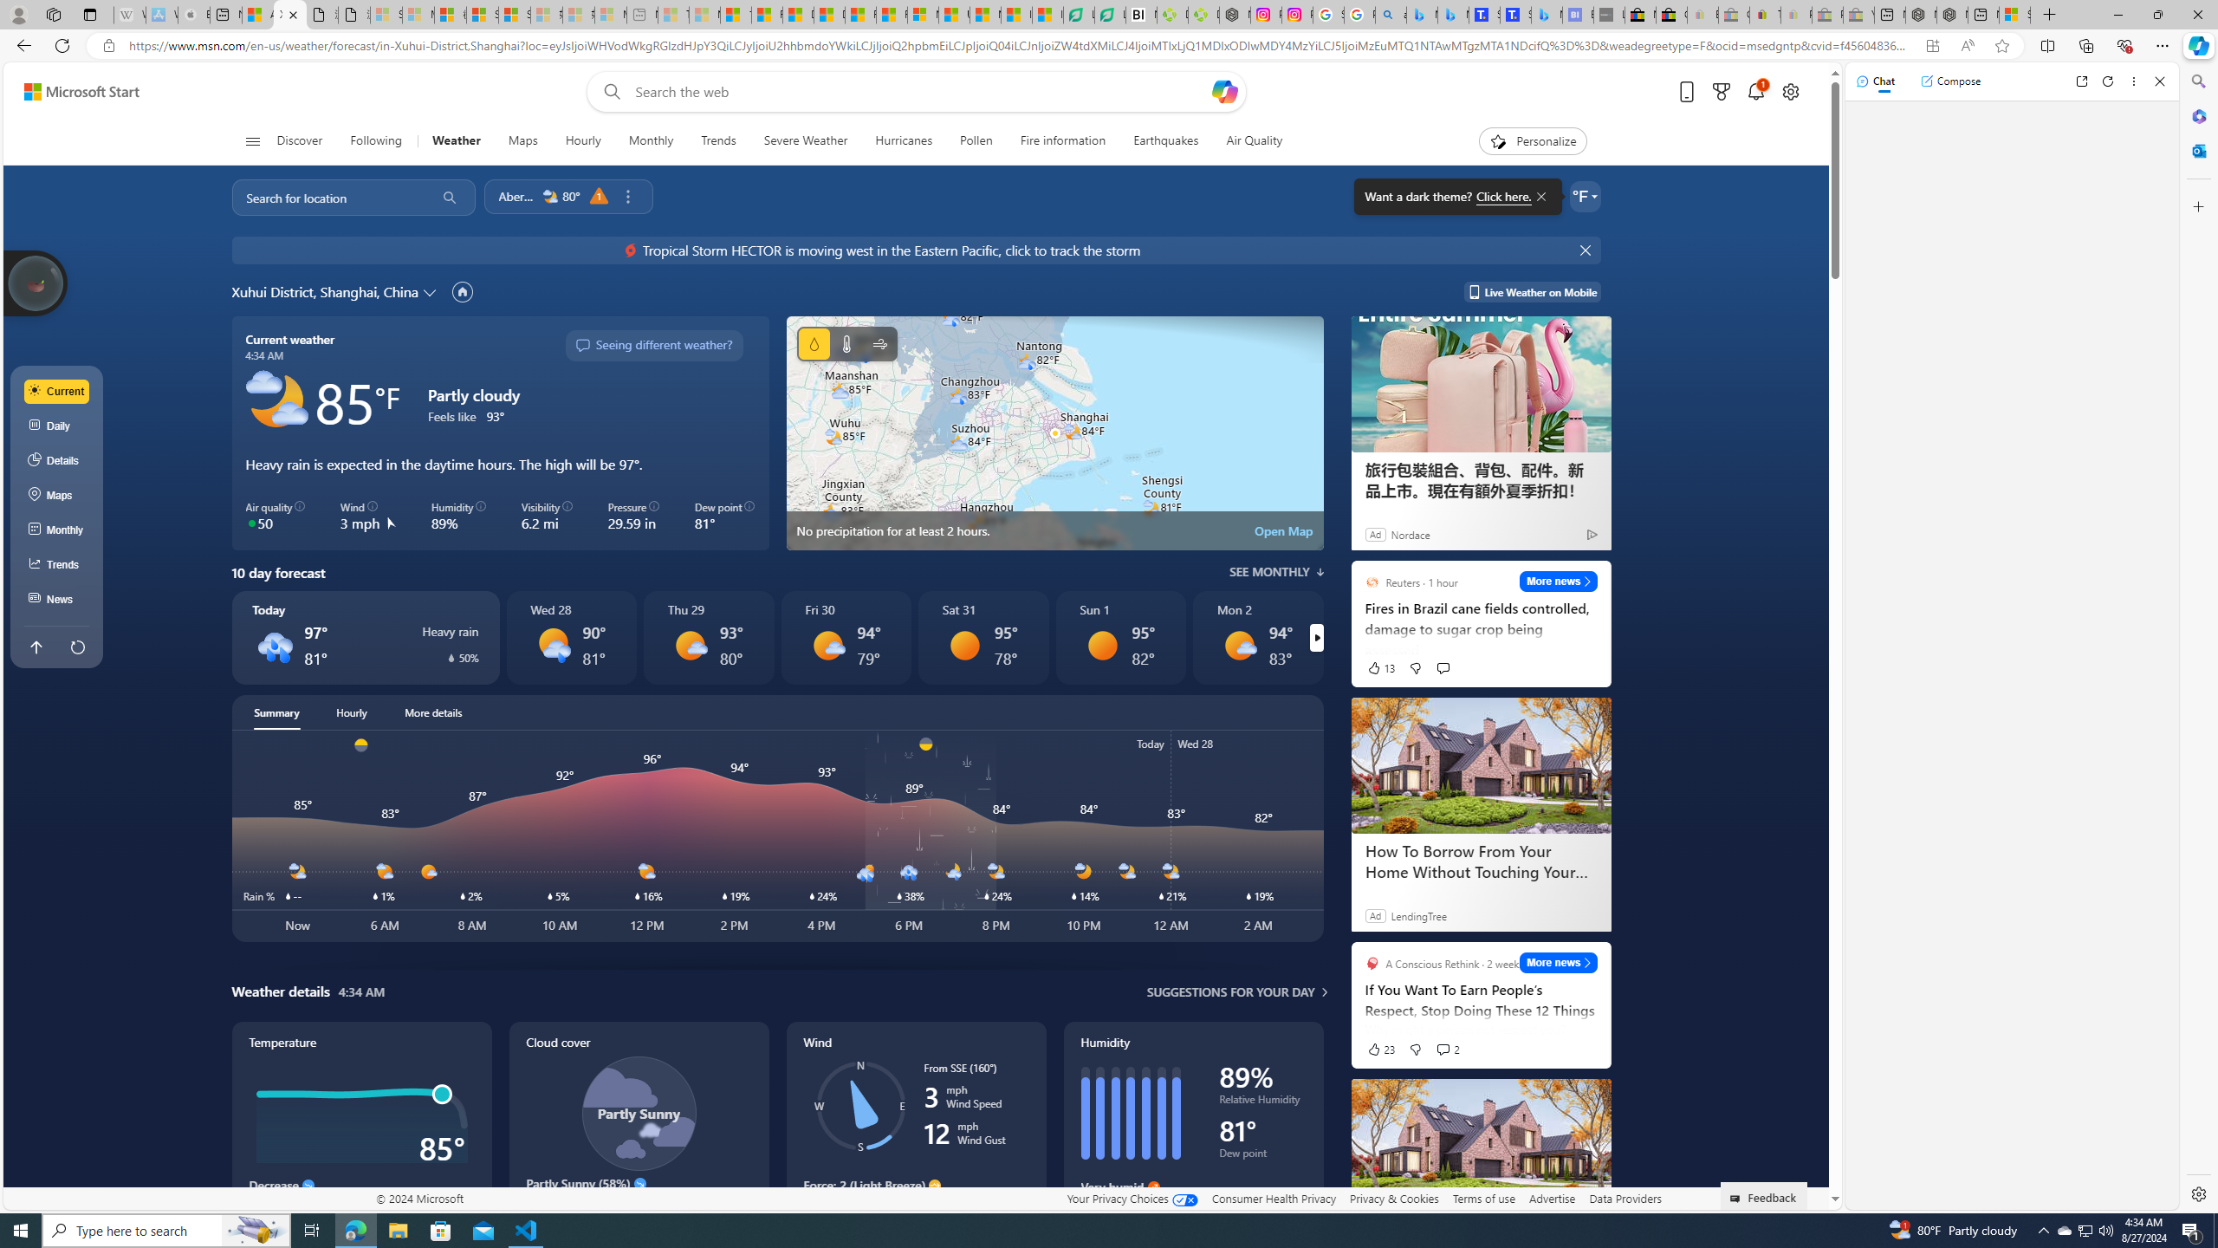 This screenshot has width=2218, height=1248. What do you see at coordinates (976, 140) in the screenshot?
I see `'Pollen'` at bounding box center [976, 140].